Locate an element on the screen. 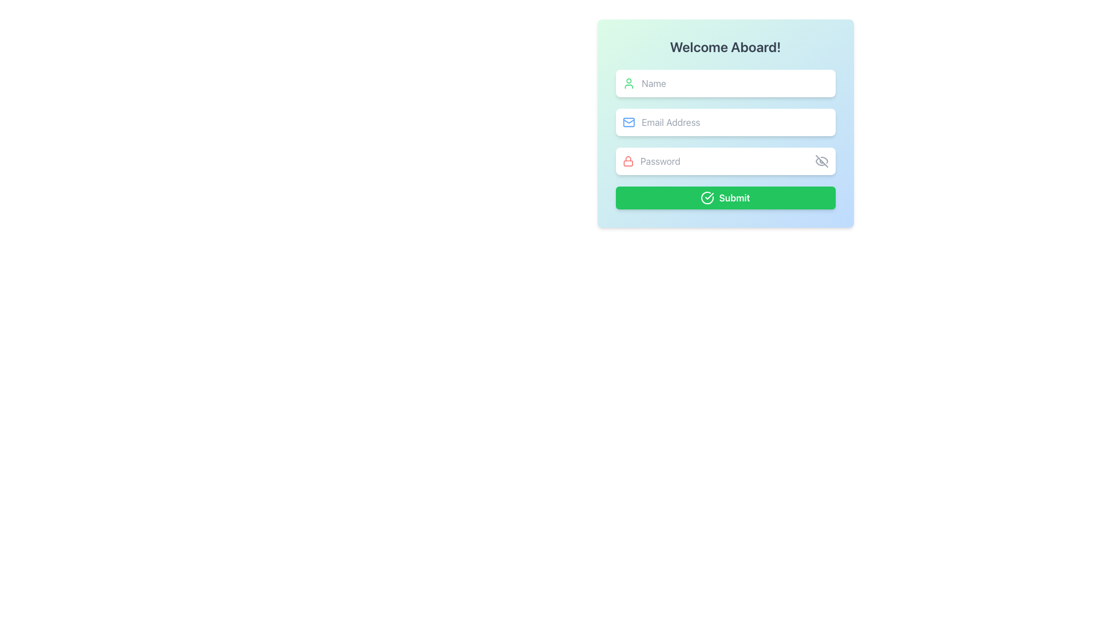 This screenshot has width=1099, height=618. the Password input group, which is the third field in the form below 'Email Address' is located at coordinates (725, 161).